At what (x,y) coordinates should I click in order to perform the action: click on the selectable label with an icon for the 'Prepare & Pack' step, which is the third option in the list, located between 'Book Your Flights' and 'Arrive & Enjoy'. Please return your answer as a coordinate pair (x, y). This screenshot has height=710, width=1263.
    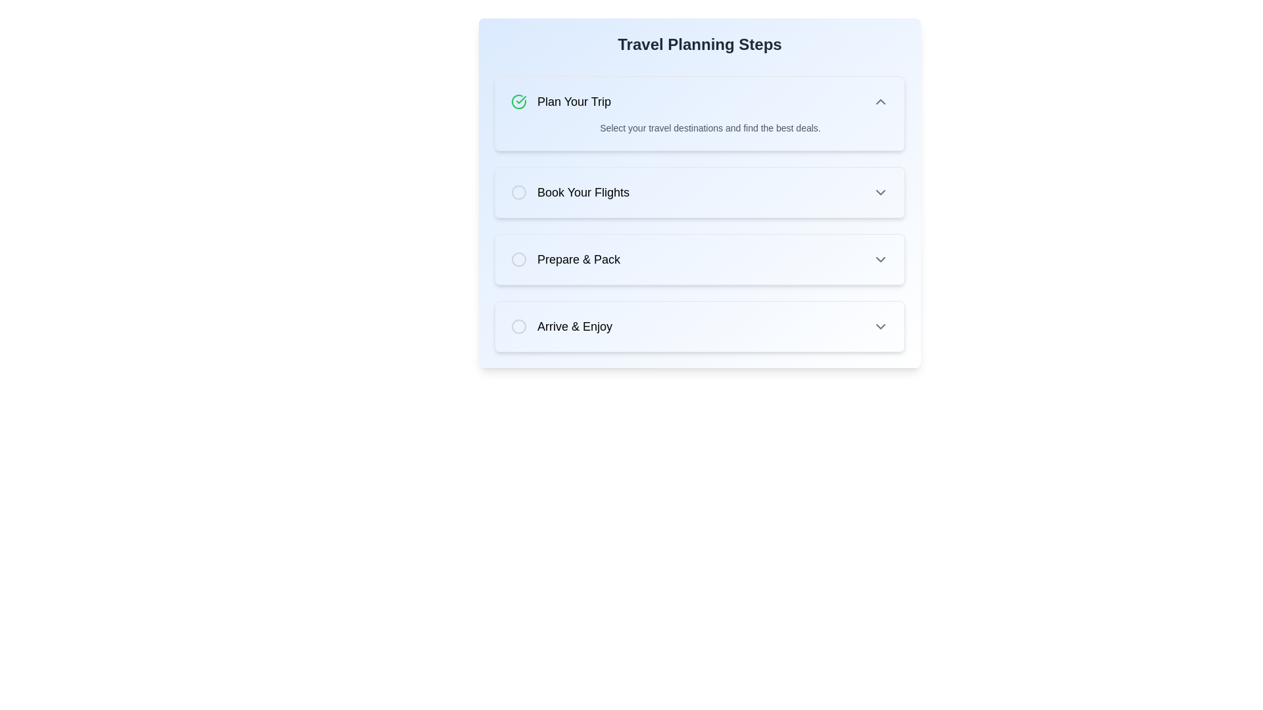
    Looking at the image, I should click on (565, 259).